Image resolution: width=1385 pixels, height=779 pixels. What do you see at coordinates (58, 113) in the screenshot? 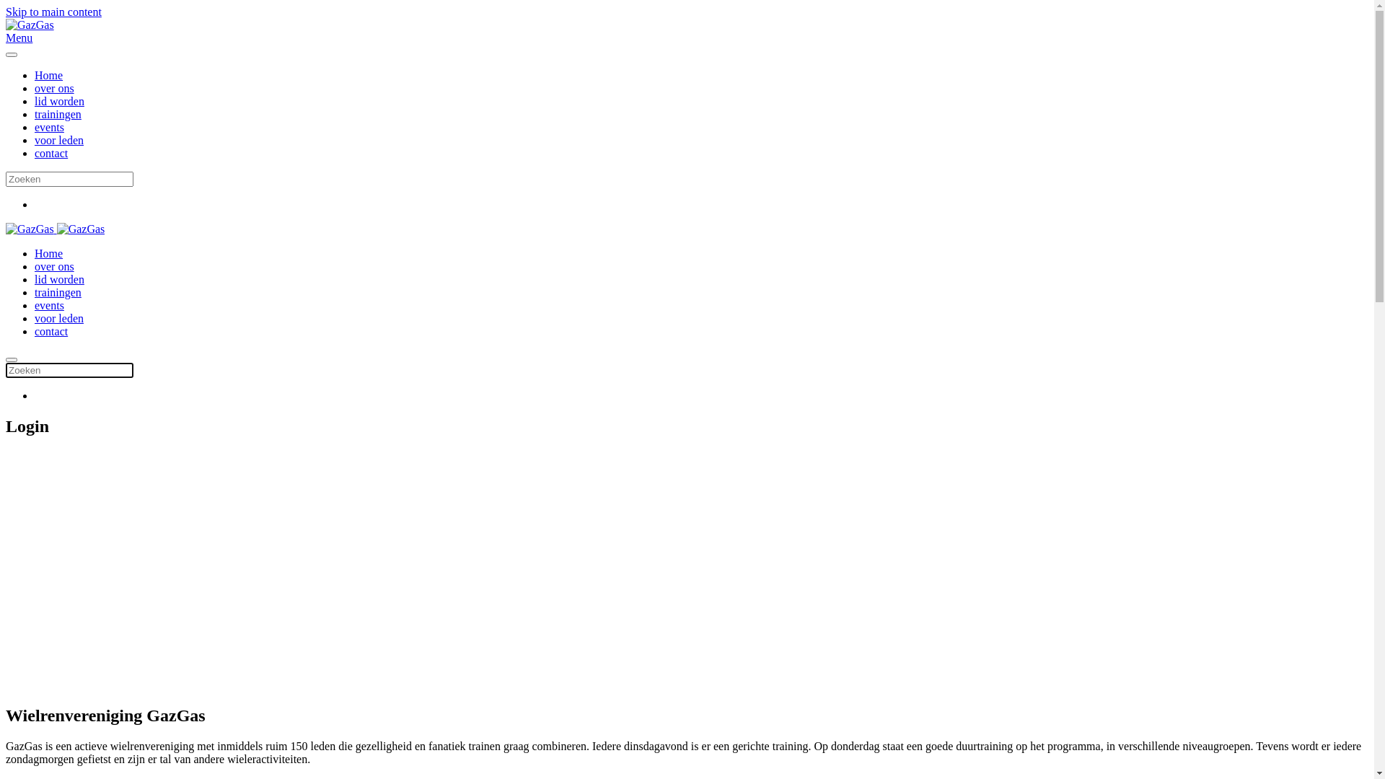
I see `'trainingen'` at bounding box center [58, 113].